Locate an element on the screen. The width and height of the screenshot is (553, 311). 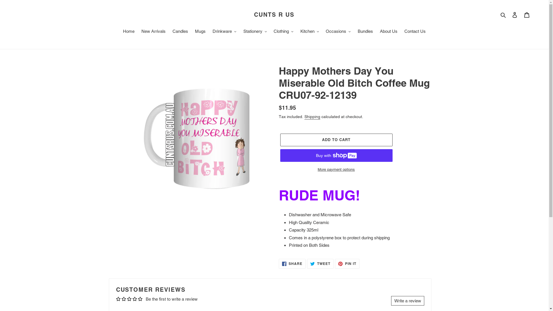
'Contact Us' is located at coordinates (415, 32).